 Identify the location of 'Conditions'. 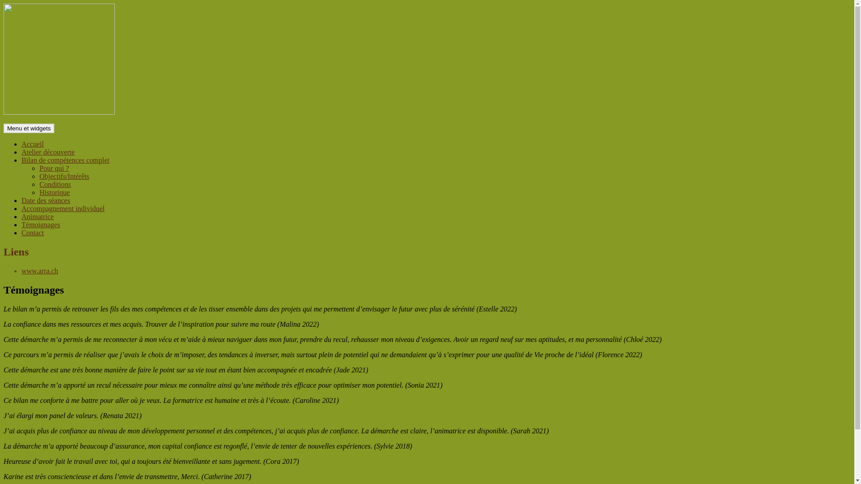
(55, 184).